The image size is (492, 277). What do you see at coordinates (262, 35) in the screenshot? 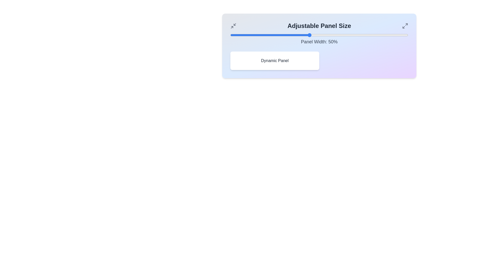
I see `the slider value` at bounding box center [262, 35].